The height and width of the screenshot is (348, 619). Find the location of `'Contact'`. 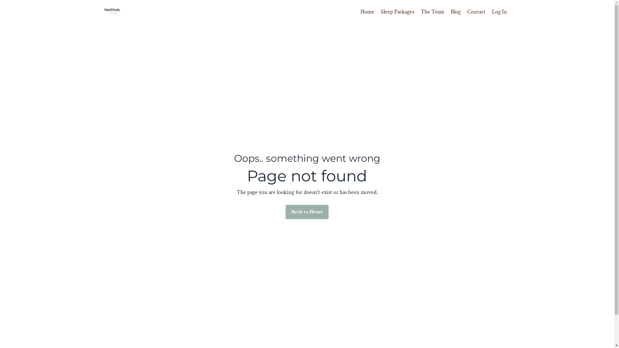

'Contact' is located at coordinates (467, 12).